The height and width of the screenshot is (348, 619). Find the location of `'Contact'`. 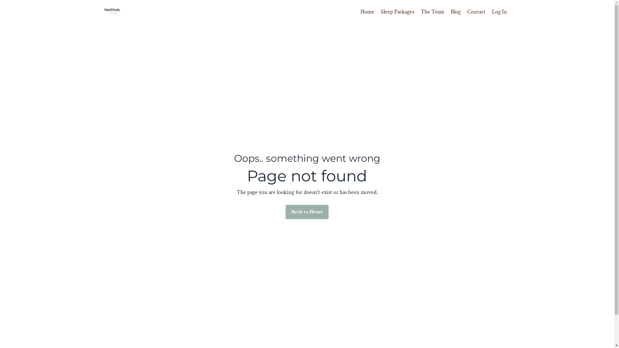

'Contact' is located at coordinates (467, 12).